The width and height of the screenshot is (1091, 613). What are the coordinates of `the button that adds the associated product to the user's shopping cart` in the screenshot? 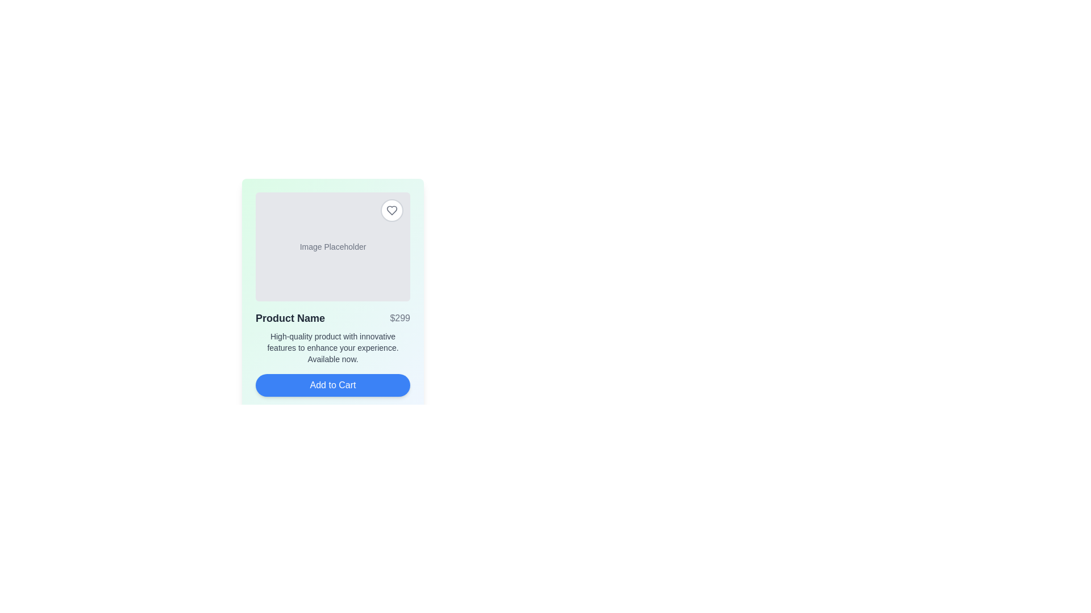 It's located at (332, 384).